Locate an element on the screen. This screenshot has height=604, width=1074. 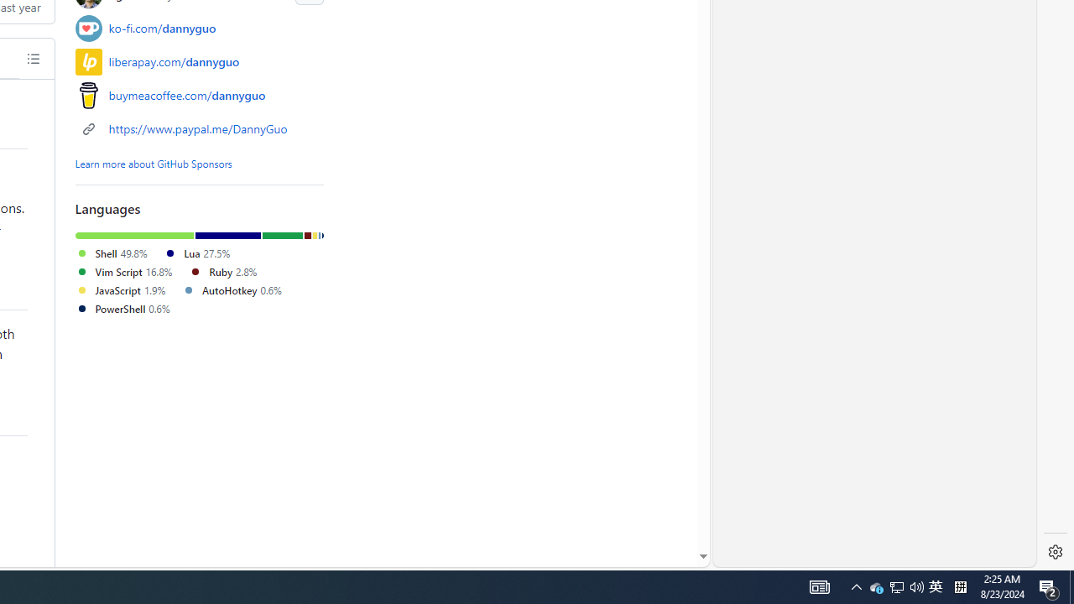
'buymeacoffee.com/dannyguo' is located at coordinates (187, 95).